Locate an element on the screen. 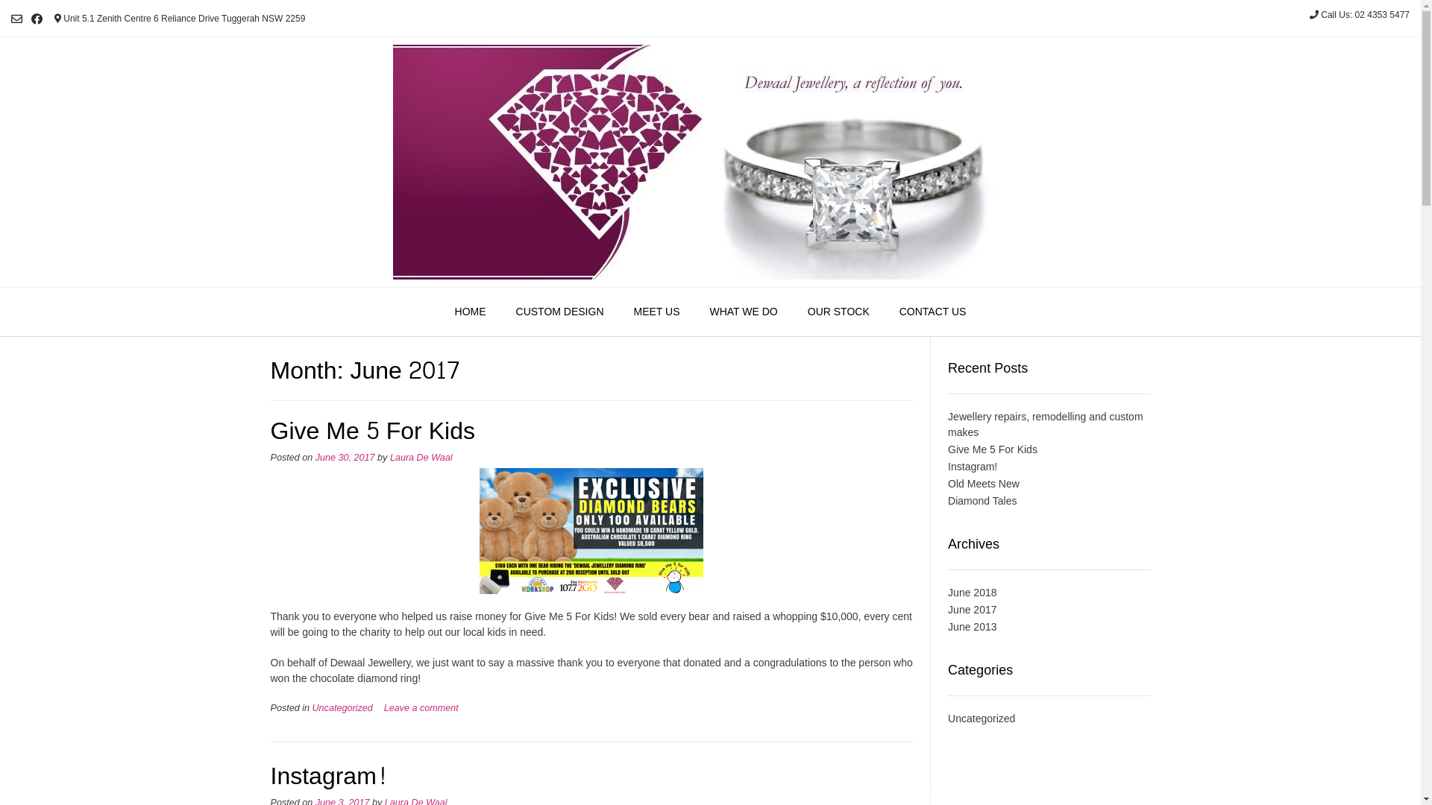  'June 30, 2017' is located at coordinates (344, 456).